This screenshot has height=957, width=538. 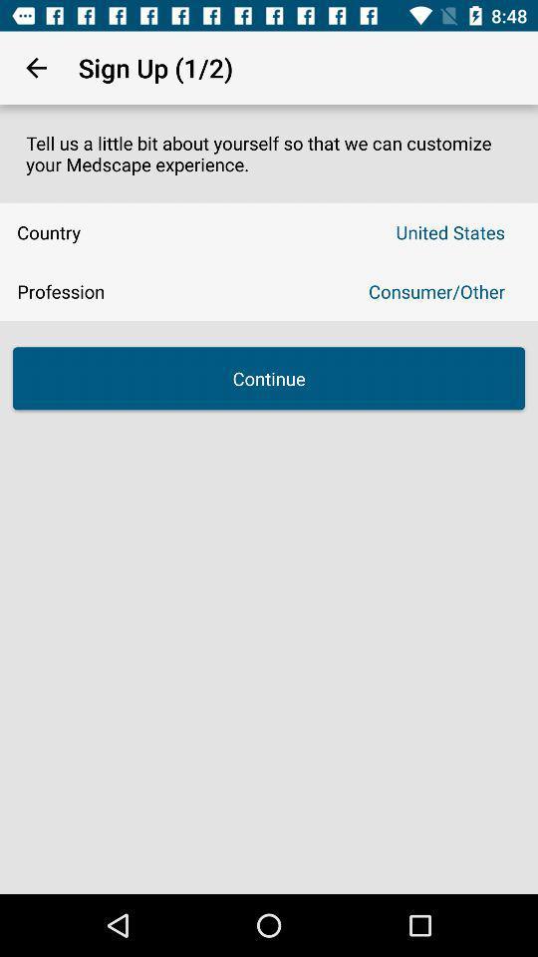 I want to click on app to the left of the sign up 1 icon, so click(x=36, y=68).